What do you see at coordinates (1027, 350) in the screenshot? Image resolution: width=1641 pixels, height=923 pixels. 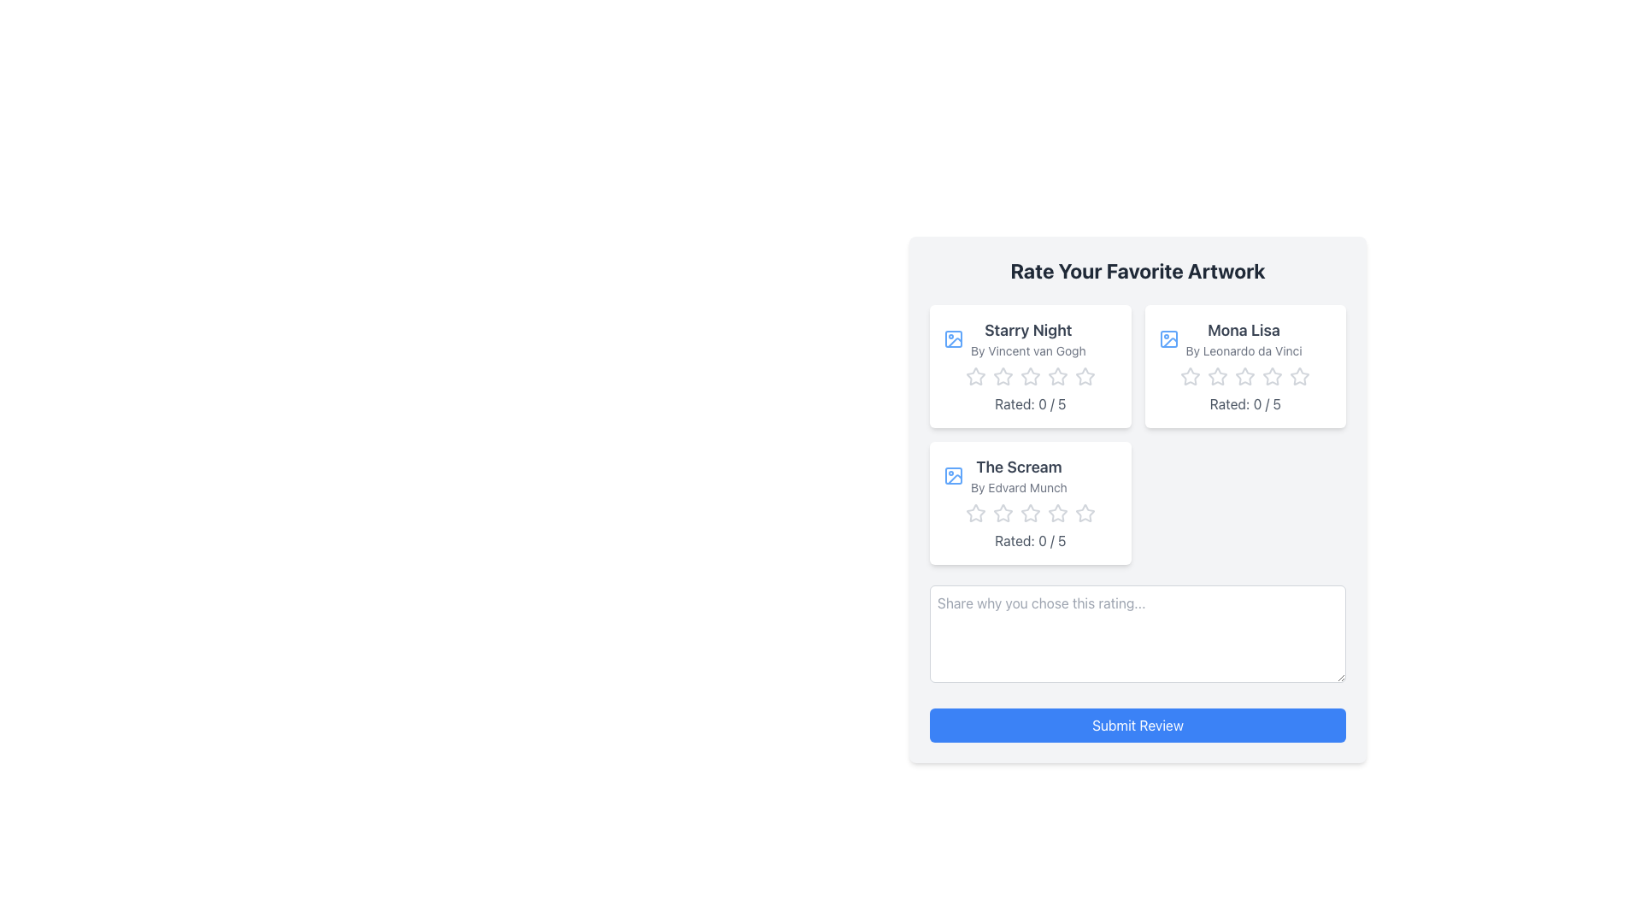 I see `the static text label displaying 'By Vincent van Gogh', which is located below the title 'Starry Night' in the upper left card section of the interface` at bounding box center [1027, 350].